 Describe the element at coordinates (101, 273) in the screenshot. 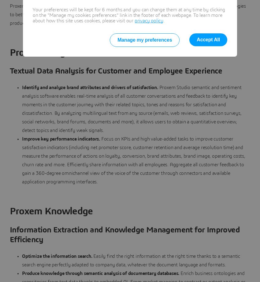

I see `'Produce knowledge through semantic analysis of documentary databases.'` at that location.